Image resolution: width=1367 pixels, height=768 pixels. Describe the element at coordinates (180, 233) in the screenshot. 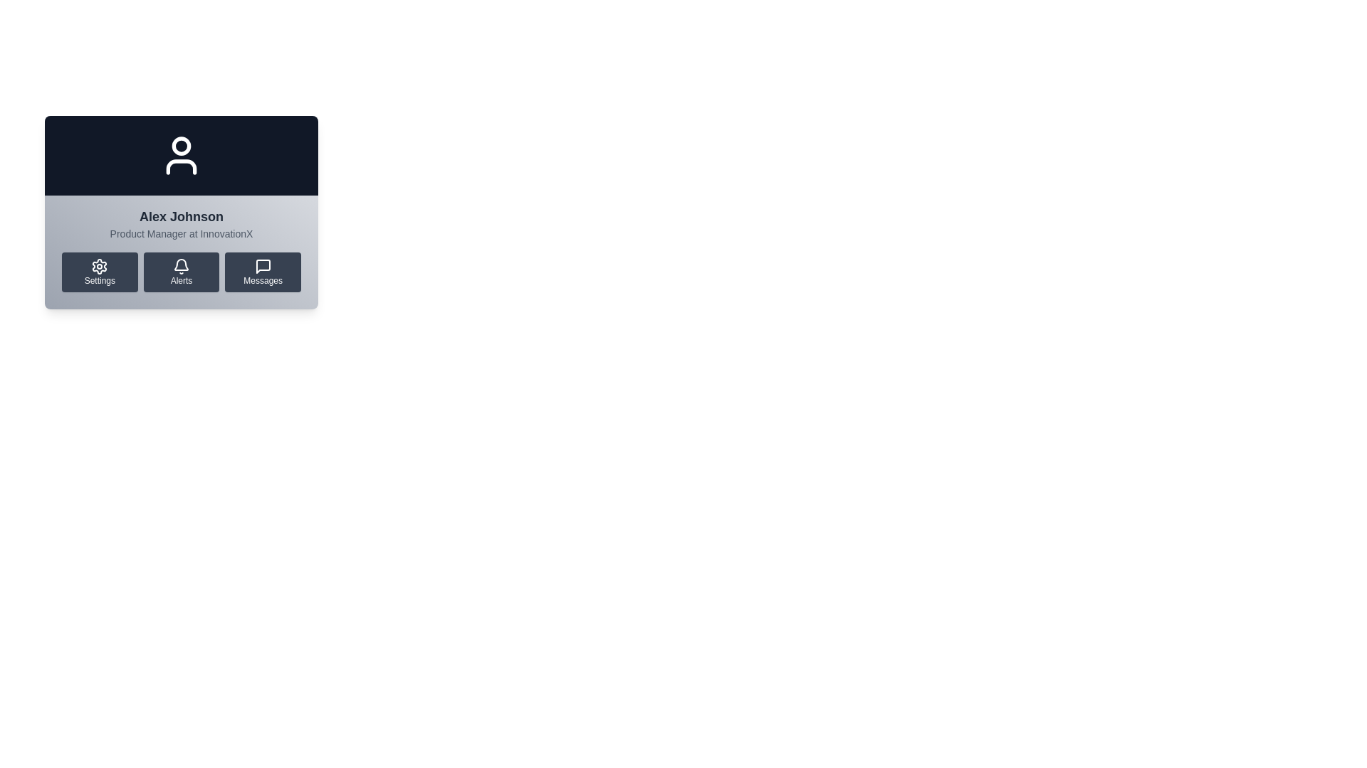

I see `the text label that displays the job title and workplace of the user, positioned below the name 'Alex Johnson'` at that location.